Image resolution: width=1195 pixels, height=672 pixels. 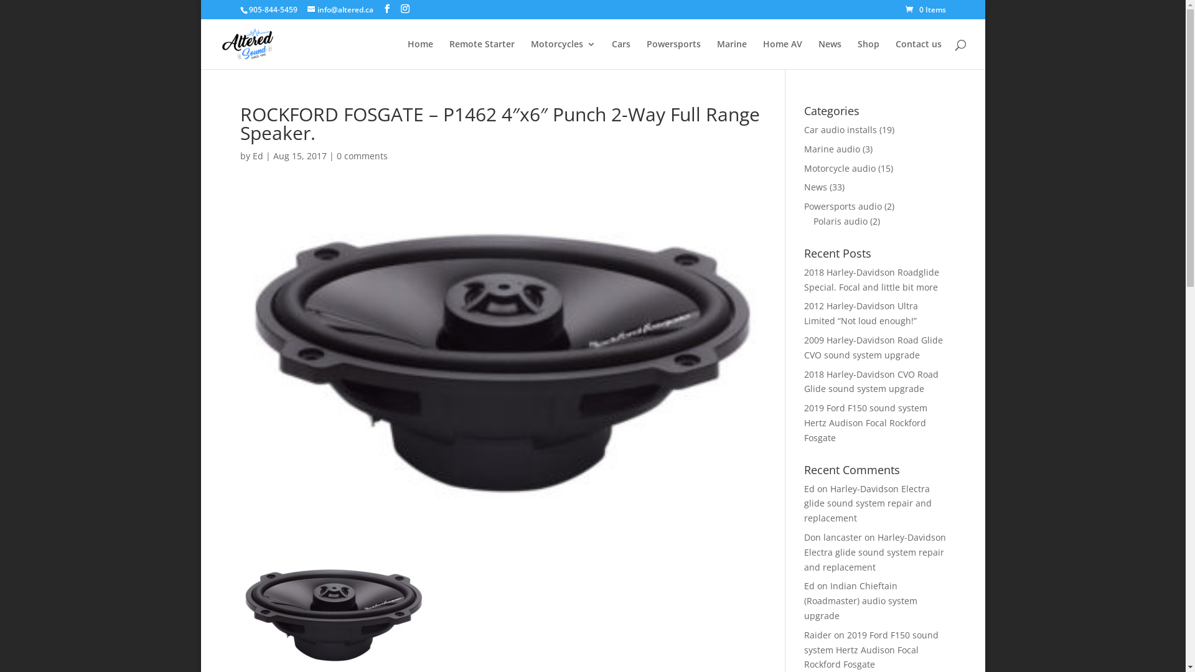 I want to click on 'Marine audio', so click(x=832, y=148).